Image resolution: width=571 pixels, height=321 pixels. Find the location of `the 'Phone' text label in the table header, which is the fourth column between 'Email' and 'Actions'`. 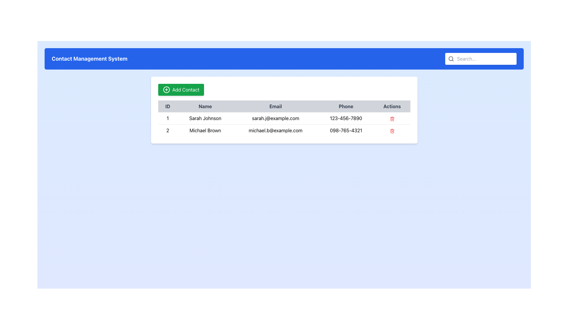

the 'Phone' text label in the table header, which is the fourth column between 'Email' and 'Actions' is located at coordinates (346, 106).